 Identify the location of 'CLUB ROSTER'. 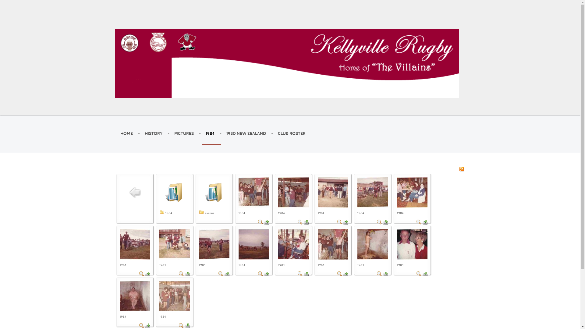
(291, 133).